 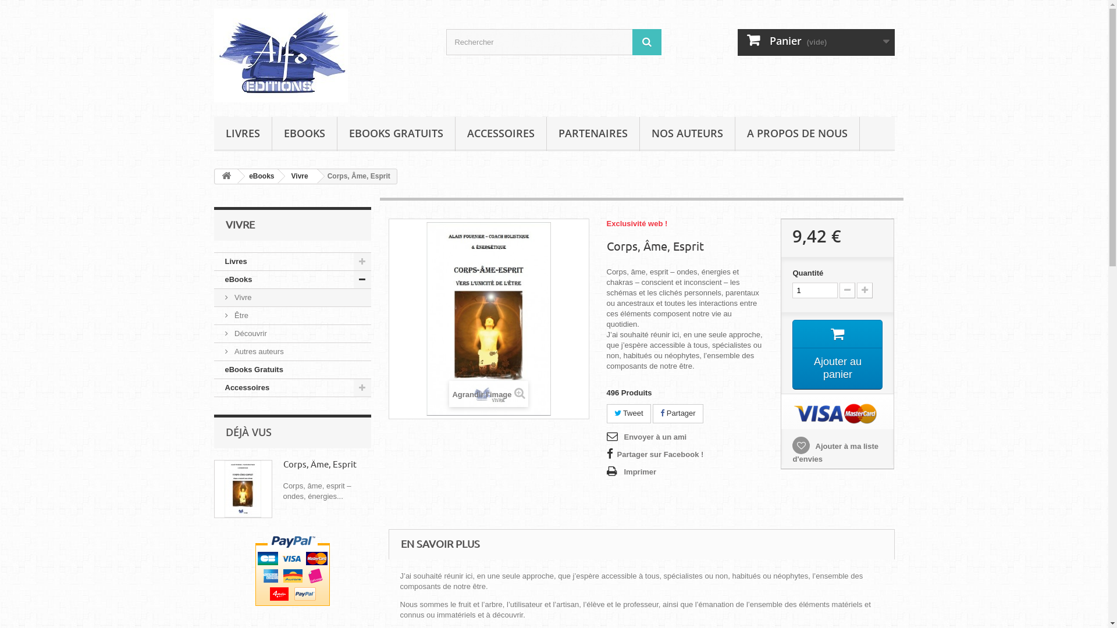 What do you see at coordinates (396, 133) in the screenshot?
I see `'EBOOKS GRATUITS'` at bounding box center [396, 133].